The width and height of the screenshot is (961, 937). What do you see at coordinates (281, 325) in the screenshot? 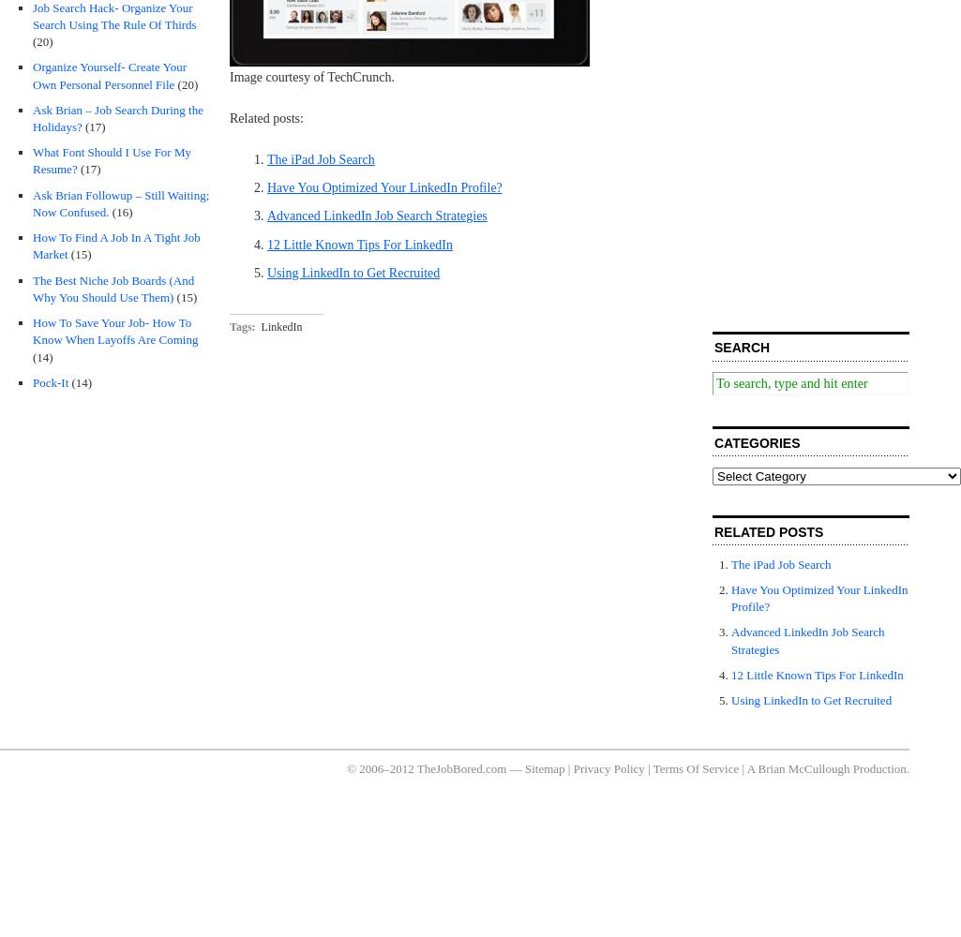
I see `'LinkedIn'` at bounding box center [281, 325].